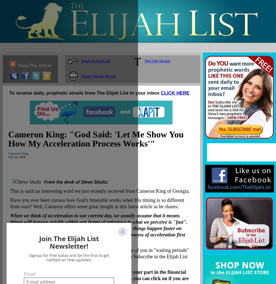  Describe the element at coordinates (18, 27) in the screenshot. I see `'Search for an Event'` at that location.